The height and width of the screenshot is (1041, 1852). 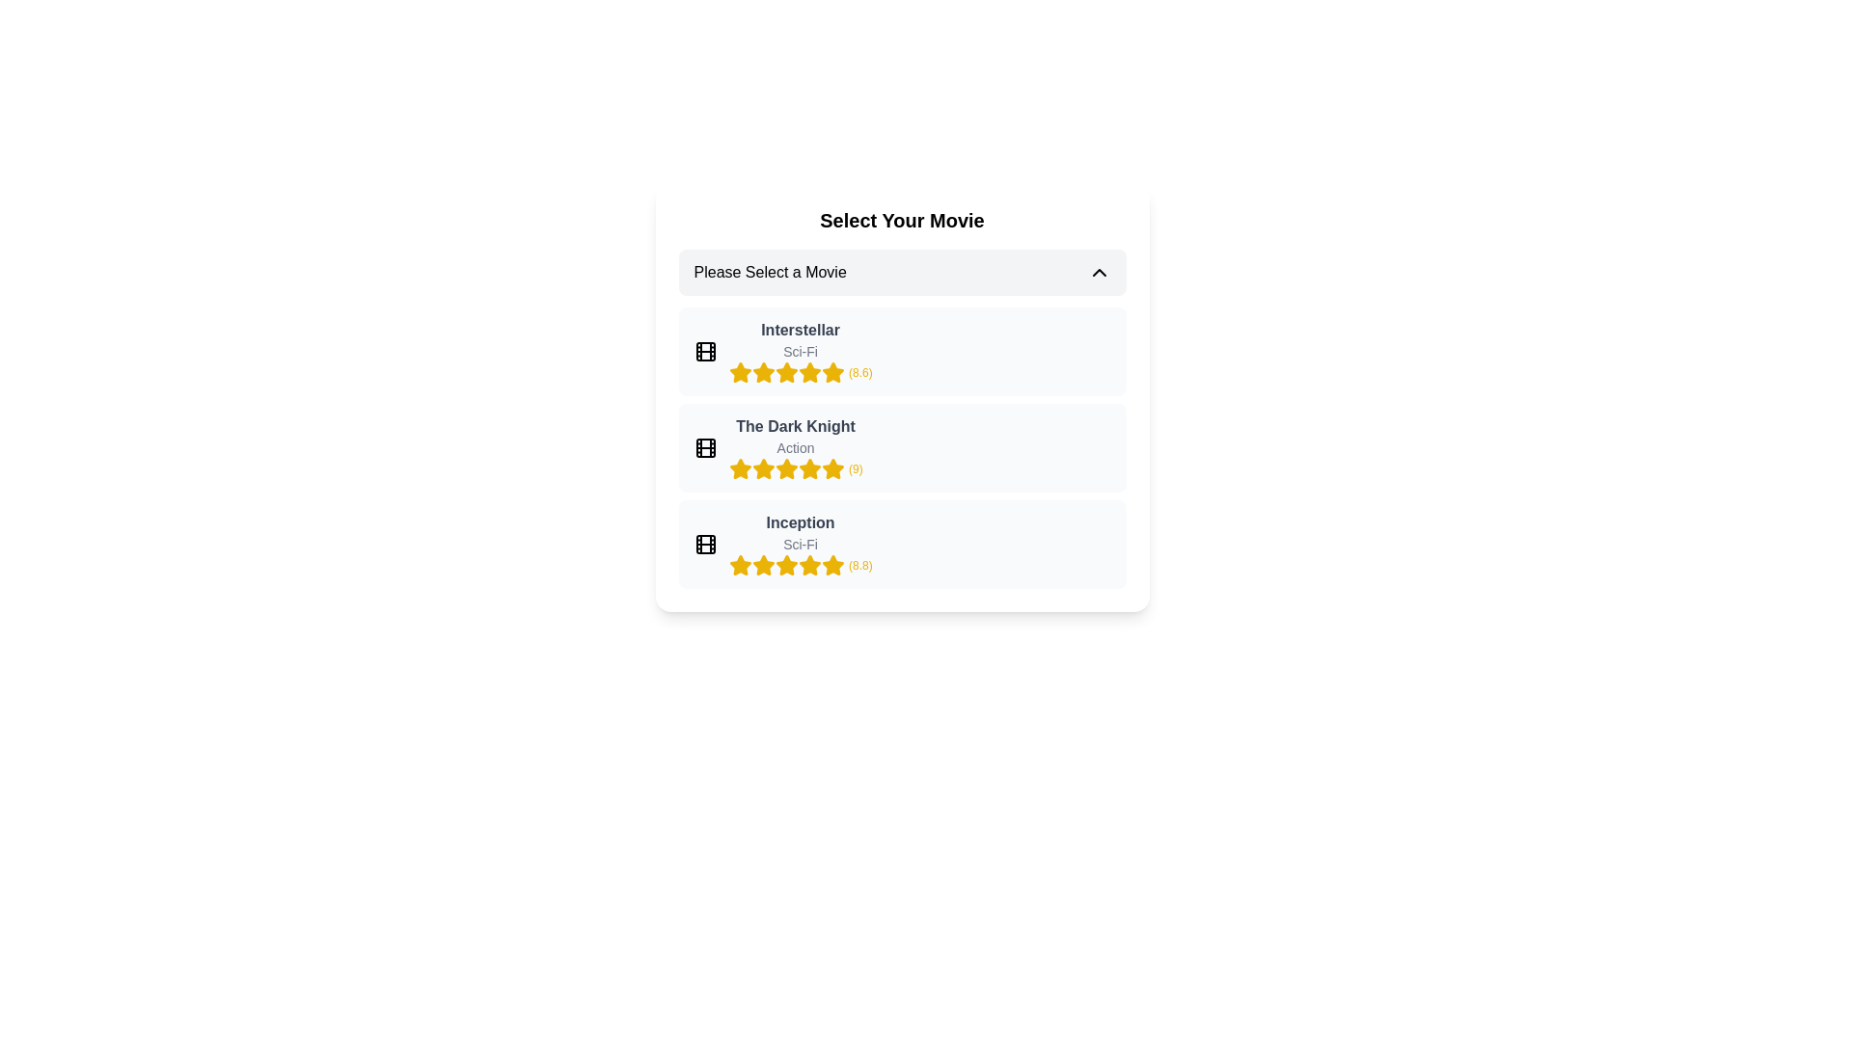 What do you see at coordinates (704, 544) in the screenshot?
I see `the decorative rectangular shape with rounded corners styled in black that resembles a filmstrip, located within the movie icon for 'Inception' in the UI` at bounding box center [704, 544].